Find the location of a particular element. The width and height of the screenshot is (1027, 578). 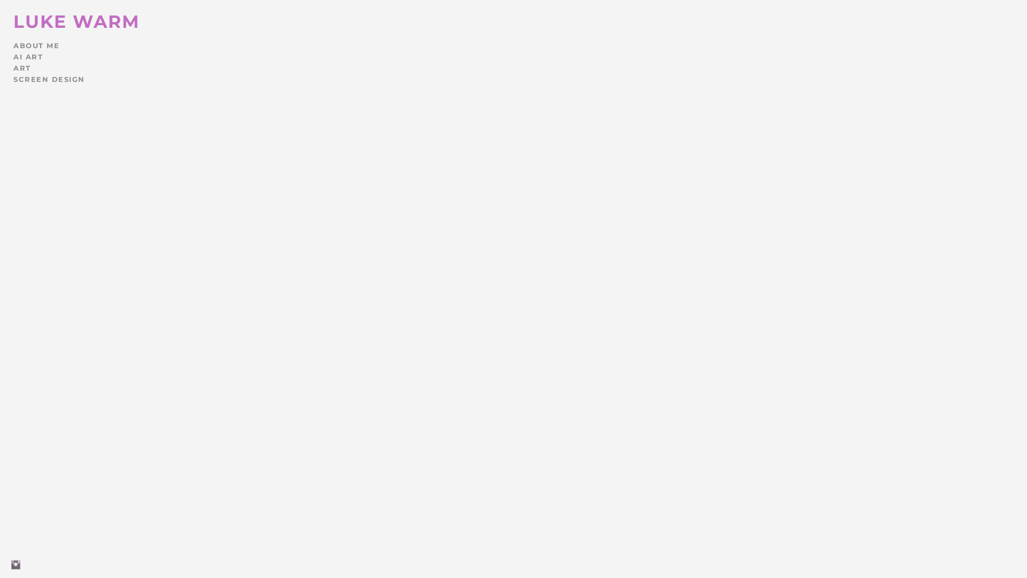

'SCREEN DESIGN' is located at coordinates (48, 78).